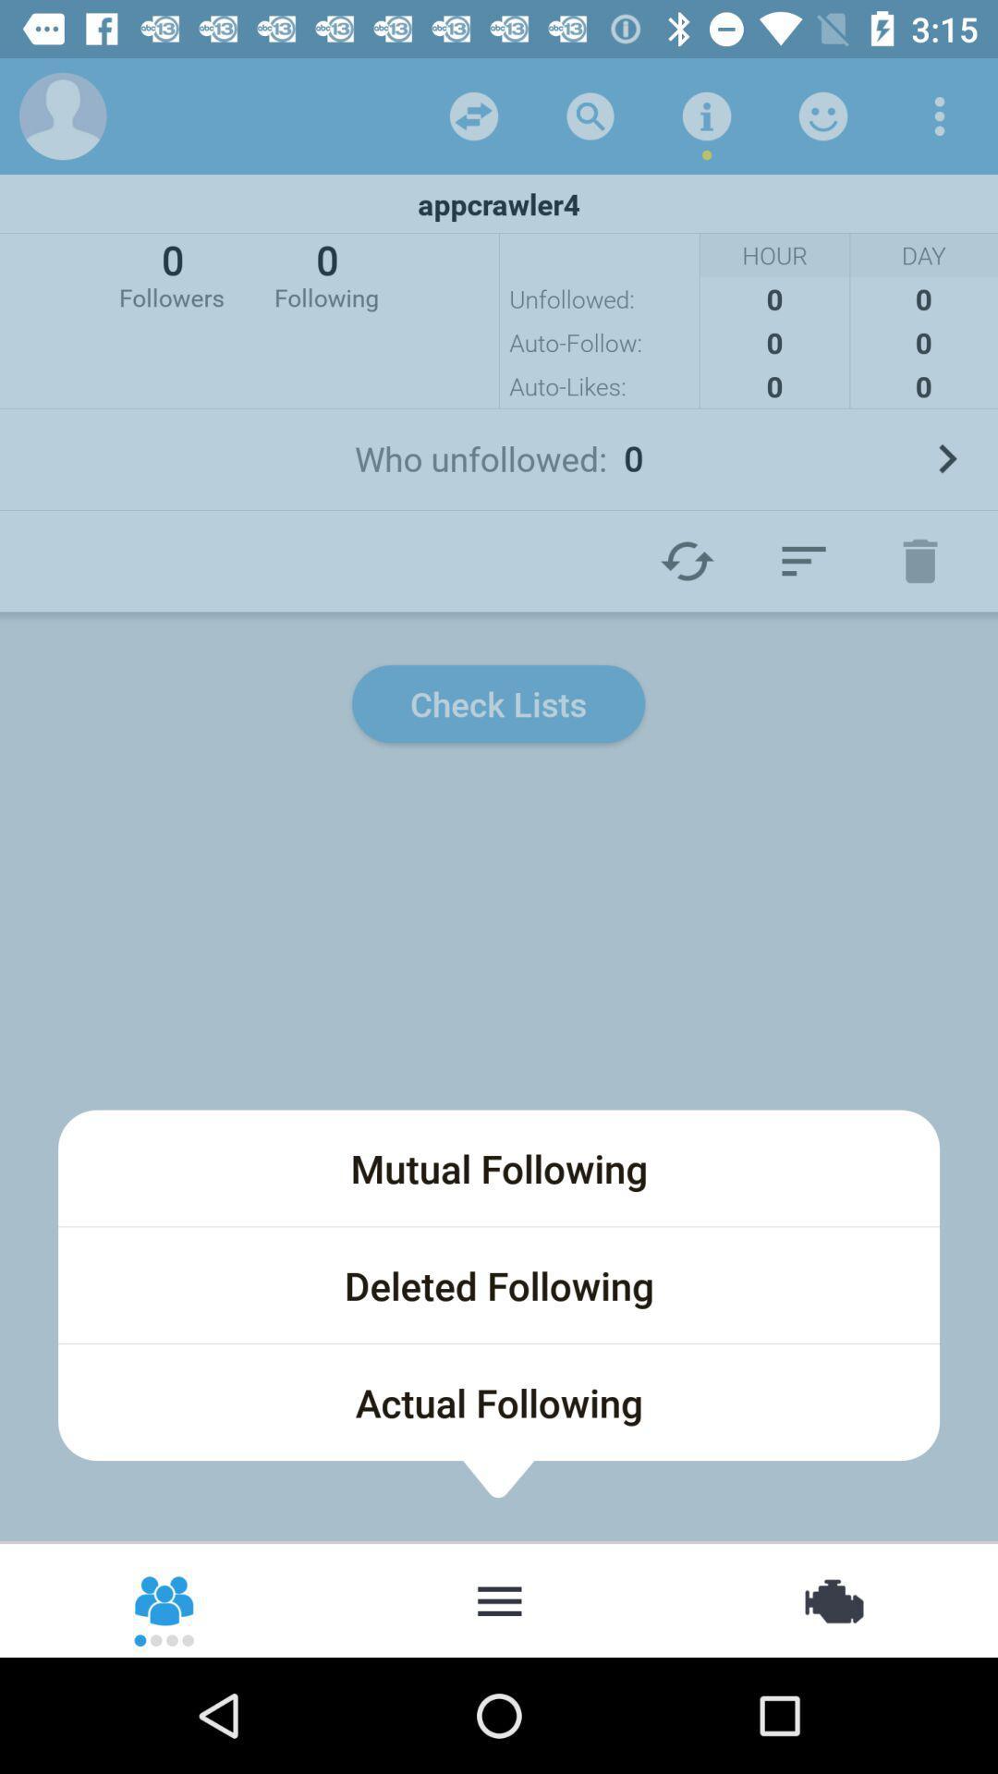 This screenshot has width=998, height=1774. I want to click on information, so click(706, 115).